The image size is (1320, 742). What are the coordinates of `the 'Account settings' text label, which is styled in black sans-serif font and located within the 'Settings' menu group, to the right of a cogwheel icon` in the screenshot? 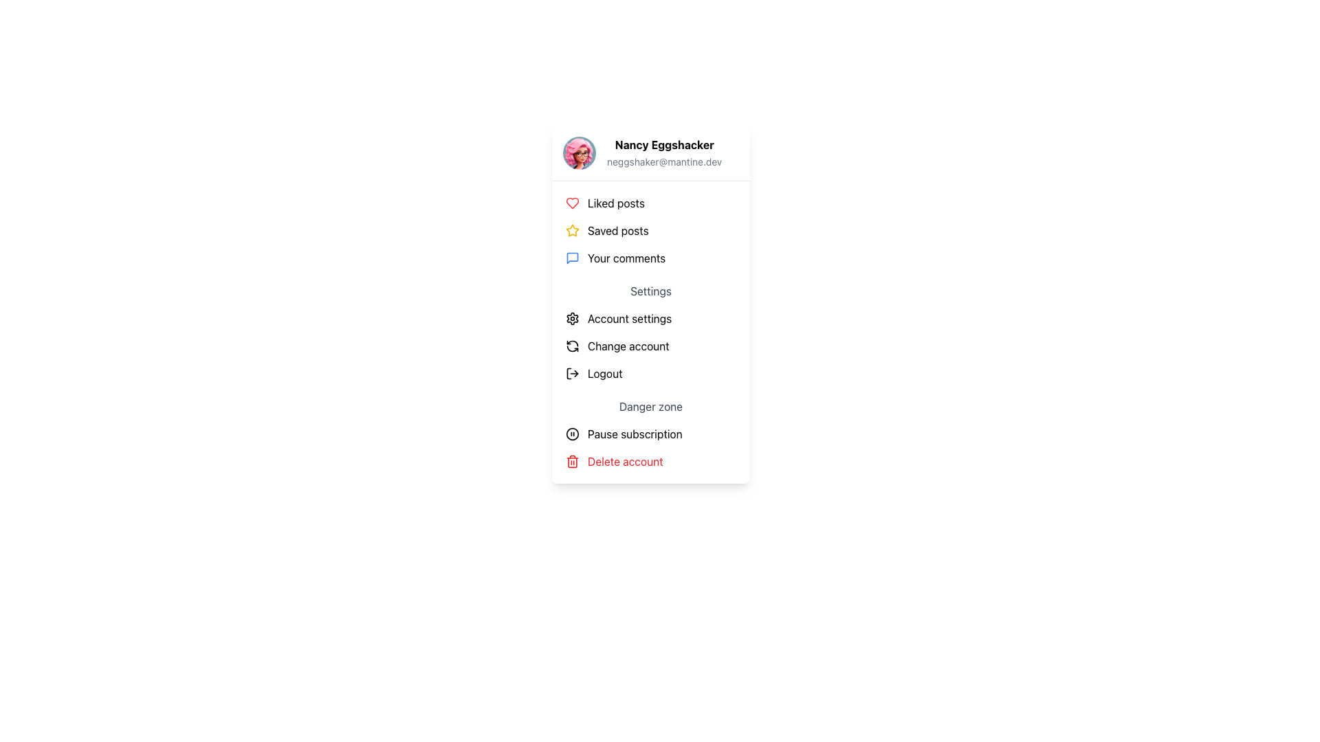 It's located at (629, 318).